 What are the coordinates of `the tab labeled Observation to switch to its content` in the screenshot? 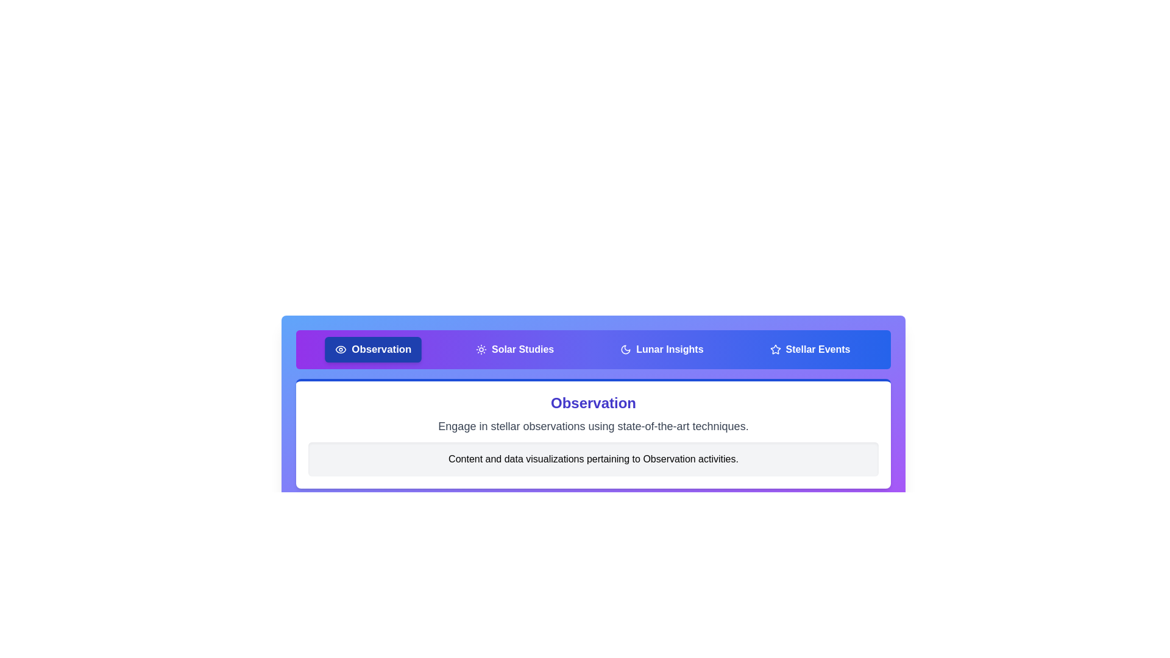 It's located at (372, 350).